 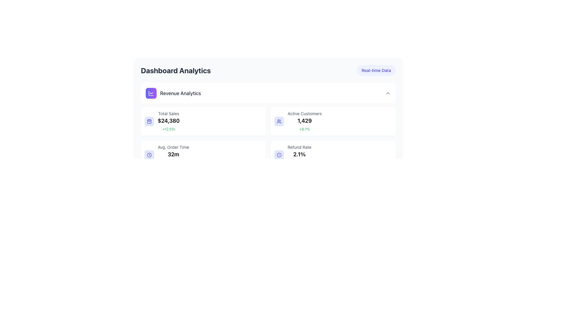 What do you see at coordinates (299, 163) in the screenshot?
I see `text element displaying a percentage value related to the refund rate statistics, located below the numerical percentage value of '2.1%' in the 'Refund Rate' box` at bounding box center [299, 163].